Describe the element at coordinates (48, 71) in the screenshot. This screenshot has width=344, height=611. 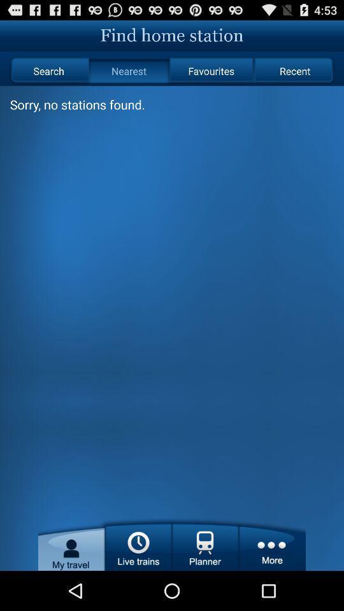
I see `icon next to the nearest icon` at that location.